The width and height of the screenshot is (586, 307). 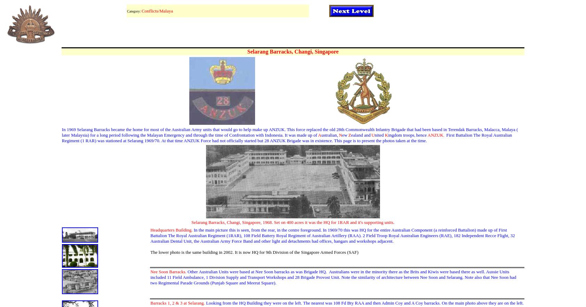 I want to click on 'Nee
        Soon Barracks.', so click(x=168, y=272).